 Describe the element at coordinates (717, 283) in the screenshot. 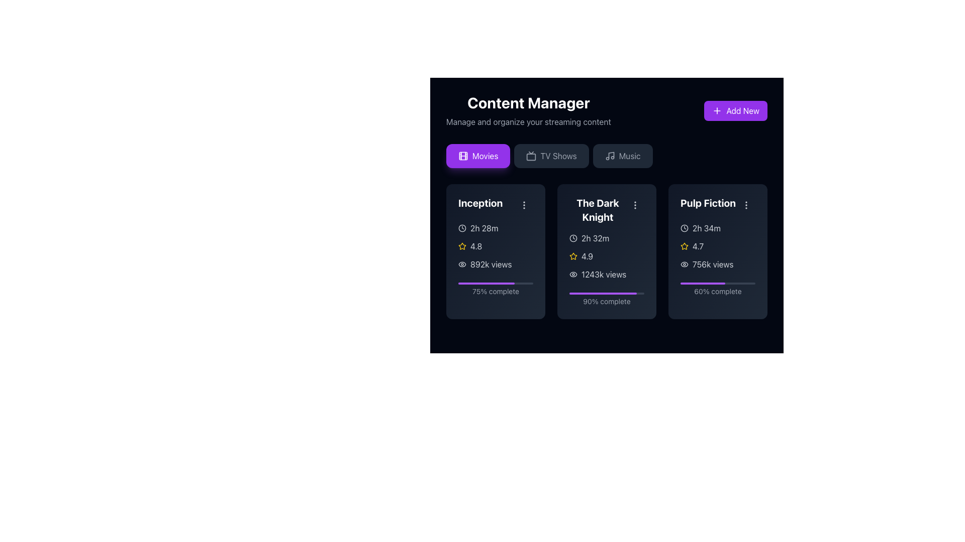

I see `the progress bar for 'Pulp Fiction,' which is a horizontal bar with a gray background and rounded edges, indicating progress with a purple section, located just above the text '60% complete.'` at that location.